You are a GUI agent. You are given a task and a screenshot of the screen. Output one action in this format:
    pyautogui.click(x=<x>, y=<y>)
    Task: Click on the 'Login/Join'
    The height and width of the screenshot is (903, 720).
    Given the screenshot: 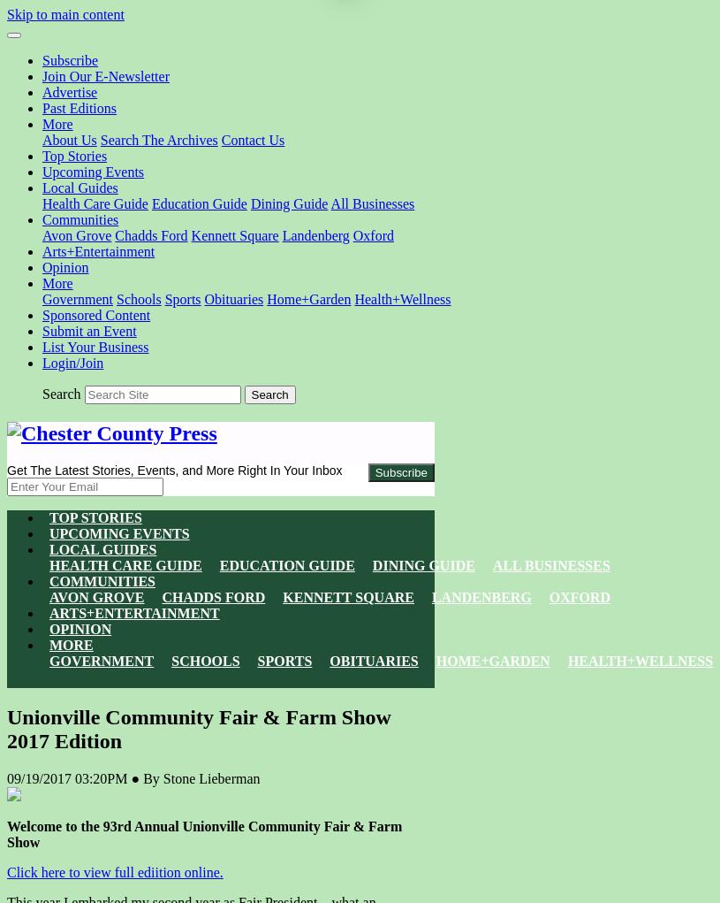 What is the action you would take?
    pyautogui.click(x=42, y=362)
    